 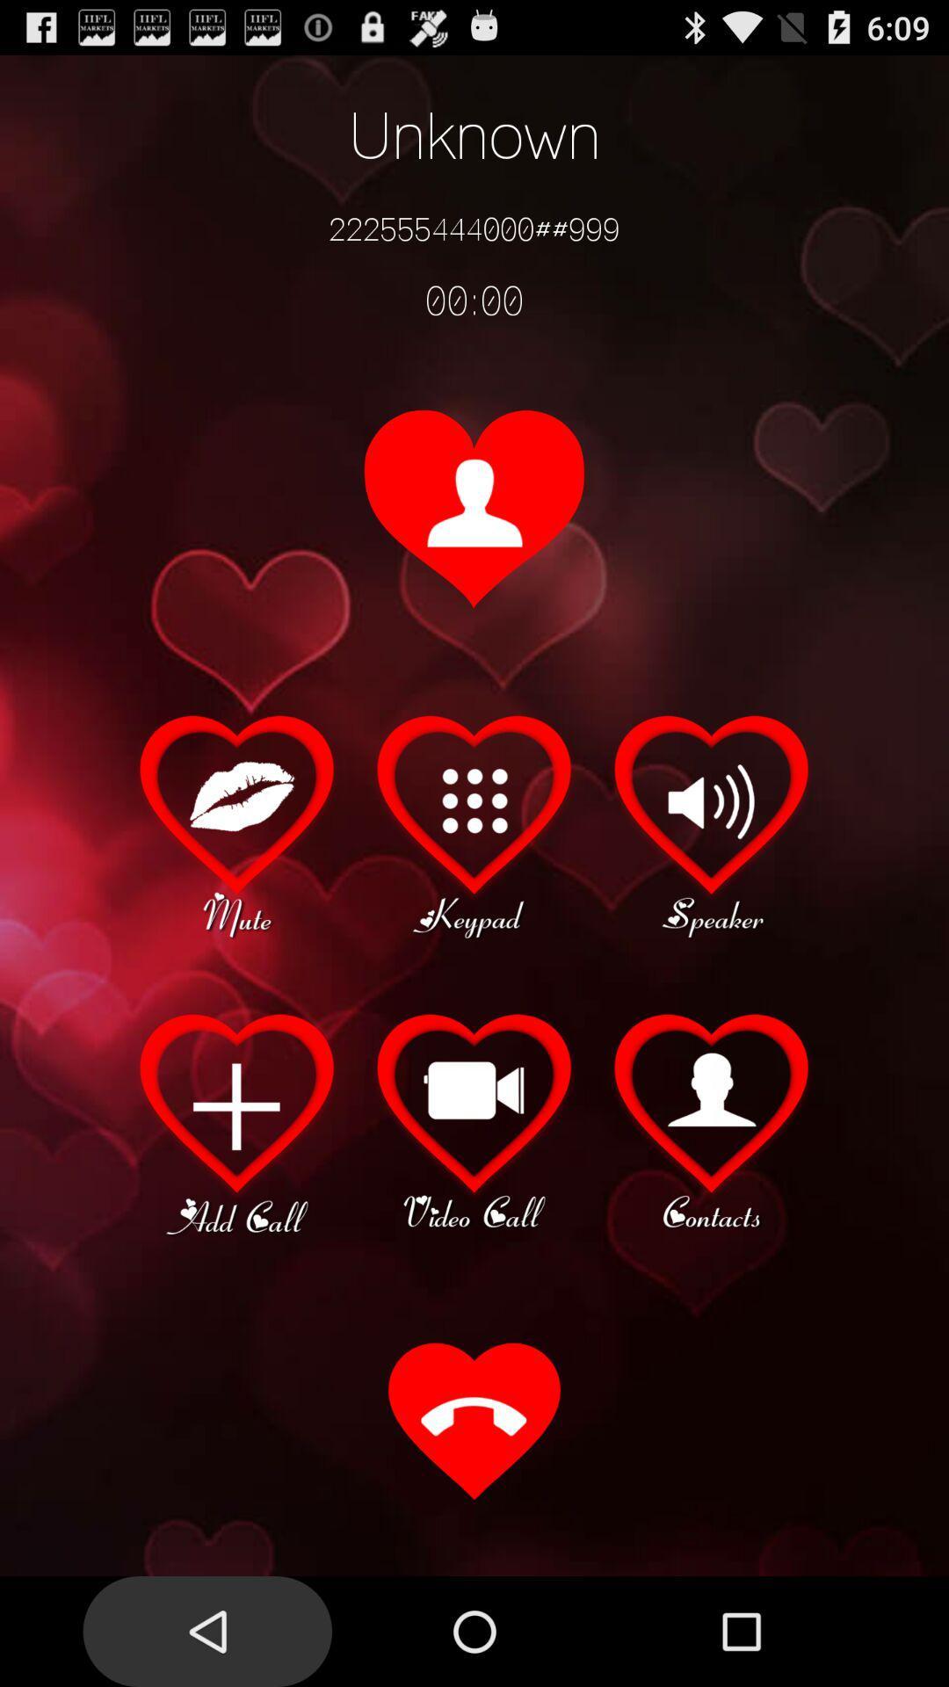 What do you see at coordinates (237, 1121) in the screenshot?
I see `number` at bounding box center [237, 1121].